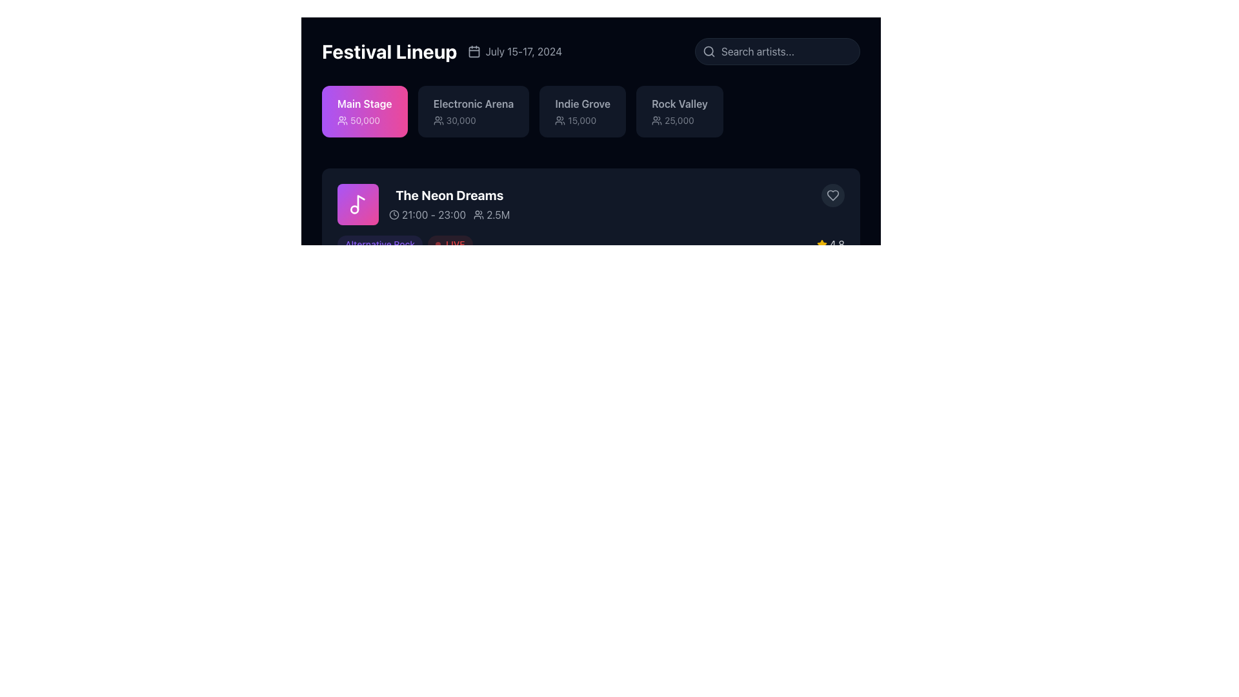 Image resolution: width=1239 pixels, height=697 pixels. What do you see at coordinates (473, 51) in the screenshot?
I see `the rounded rectangle calendar icon, which is styled with dimensions of 18x18 pixels and positioned near the 'Festival Lineup' text` at bounding box center [473, 51].